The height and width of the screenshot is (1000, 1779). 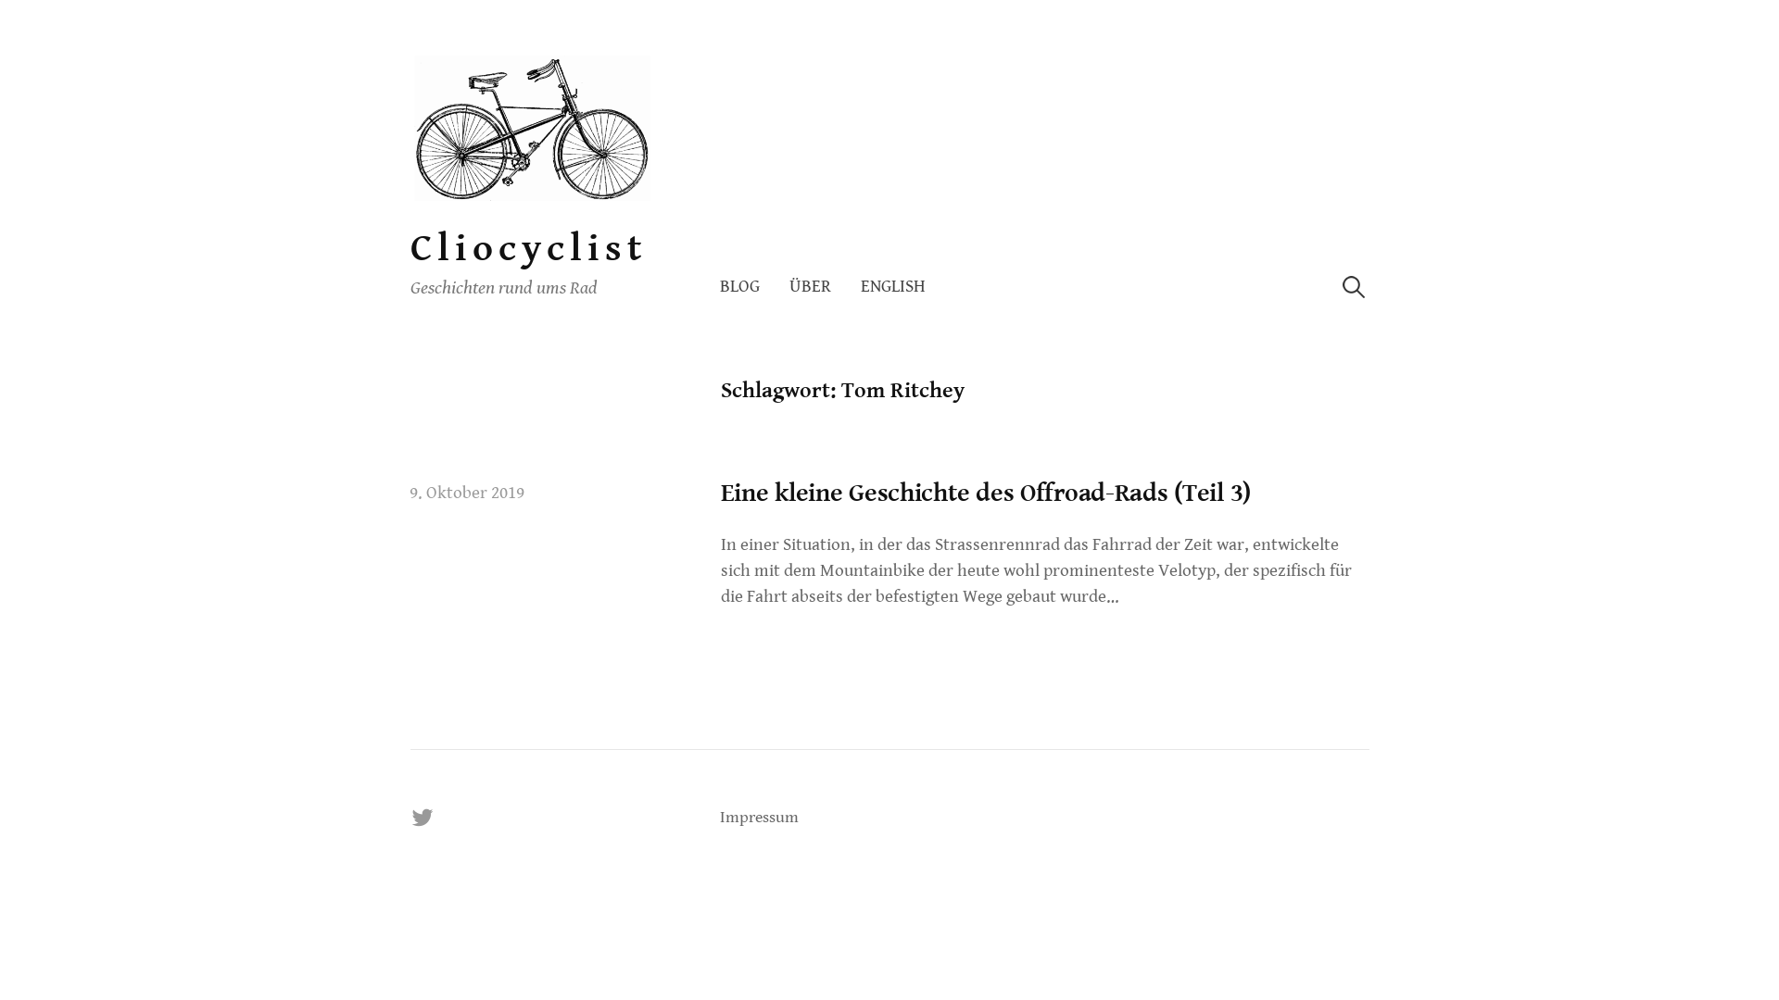 What do you see at coordinates (985, 492) in the screenshot?
I see `'Eine kleine Geschichte des Offroad-Rads (Teil 3)'` at bounding box center [985, 492].